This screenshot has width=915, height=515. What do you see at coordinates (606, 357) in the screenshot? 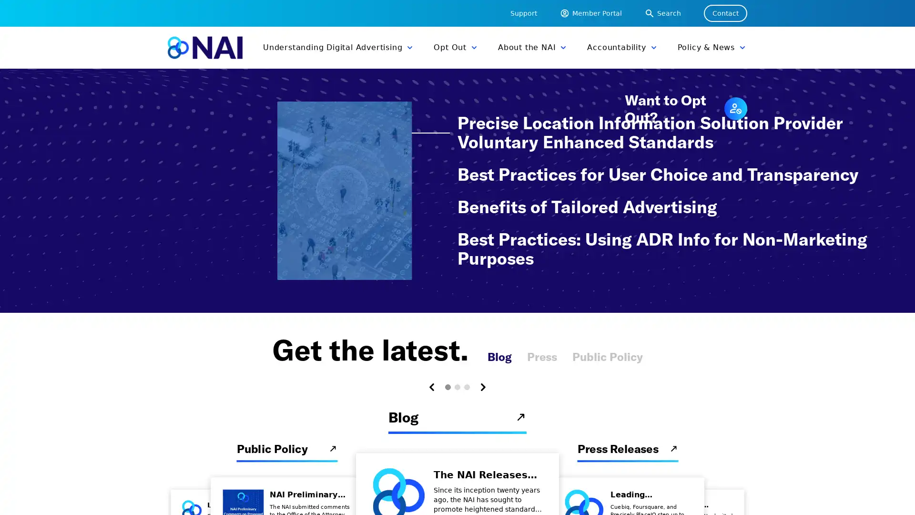
I see `Public Policy` at bounding box center [606, 357].